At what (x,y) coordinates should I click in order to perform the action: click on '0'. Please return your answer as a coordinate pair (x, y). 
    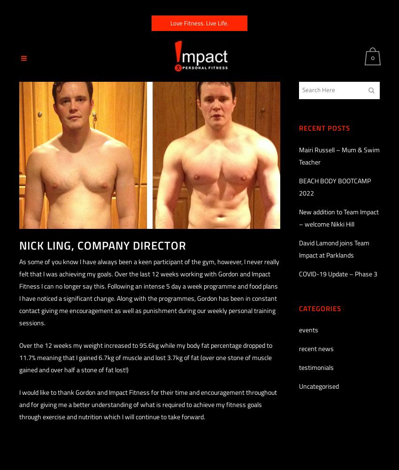
    Looking at the image, I should click on (372, 57).